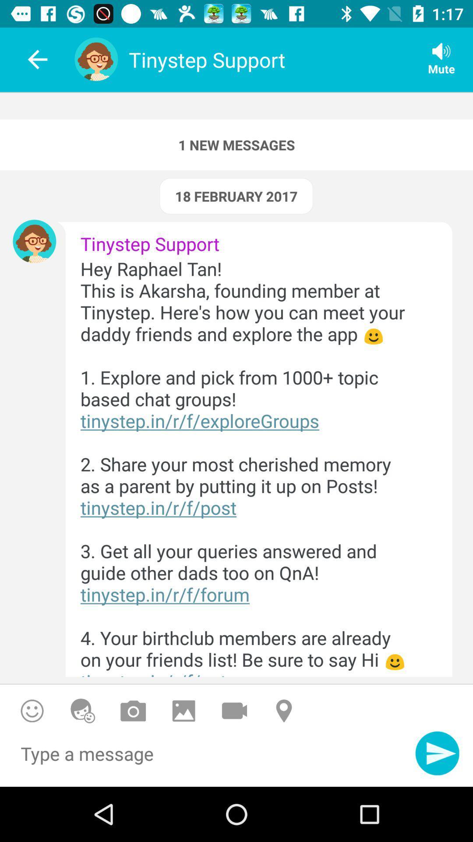 This screenshot has height=842, width=473. I want to click on picture from your photo album, so click(184, 711).